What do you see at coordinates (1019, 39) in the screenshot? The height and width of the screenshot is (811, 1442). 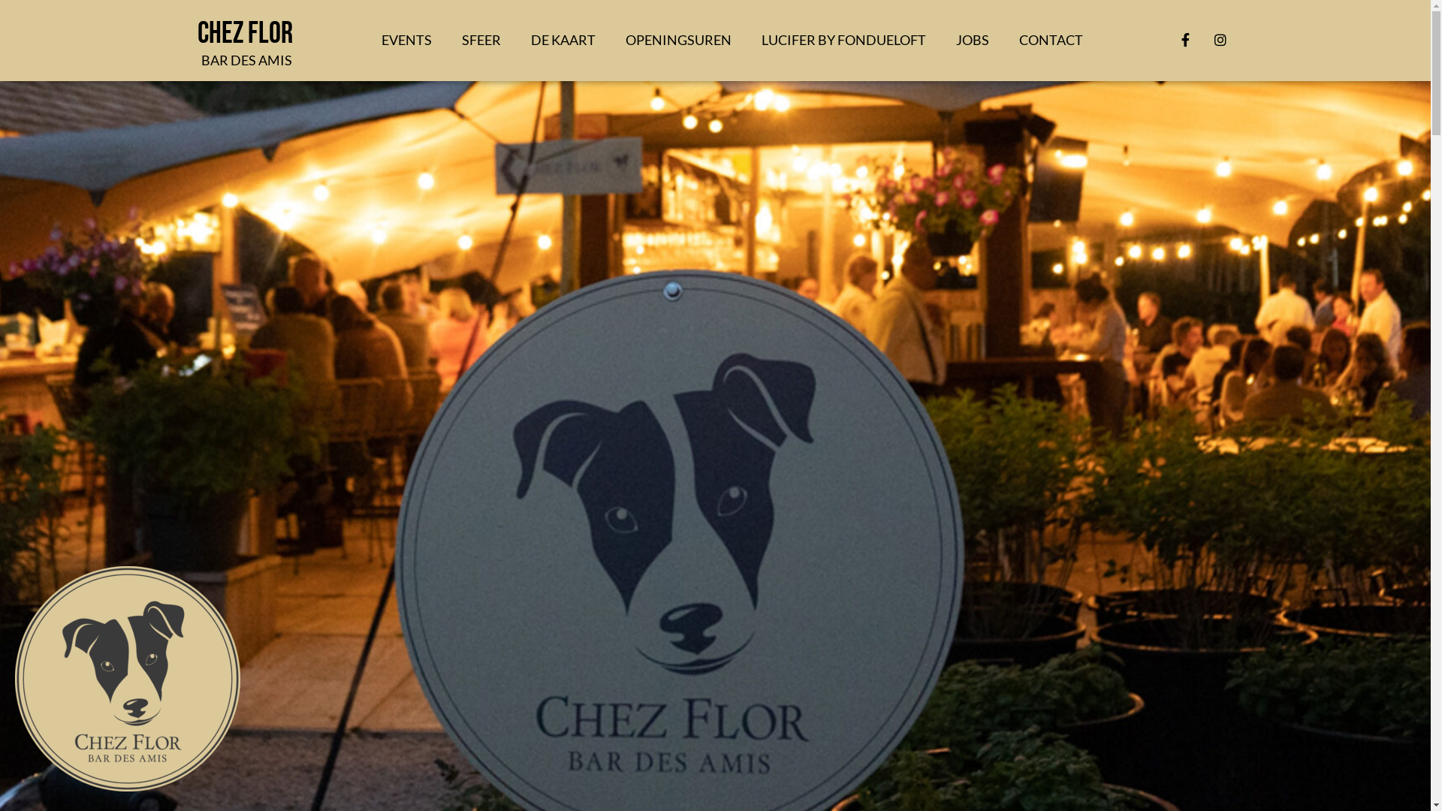 I see `'CONTACT'` at bounding box center [1019, 39].